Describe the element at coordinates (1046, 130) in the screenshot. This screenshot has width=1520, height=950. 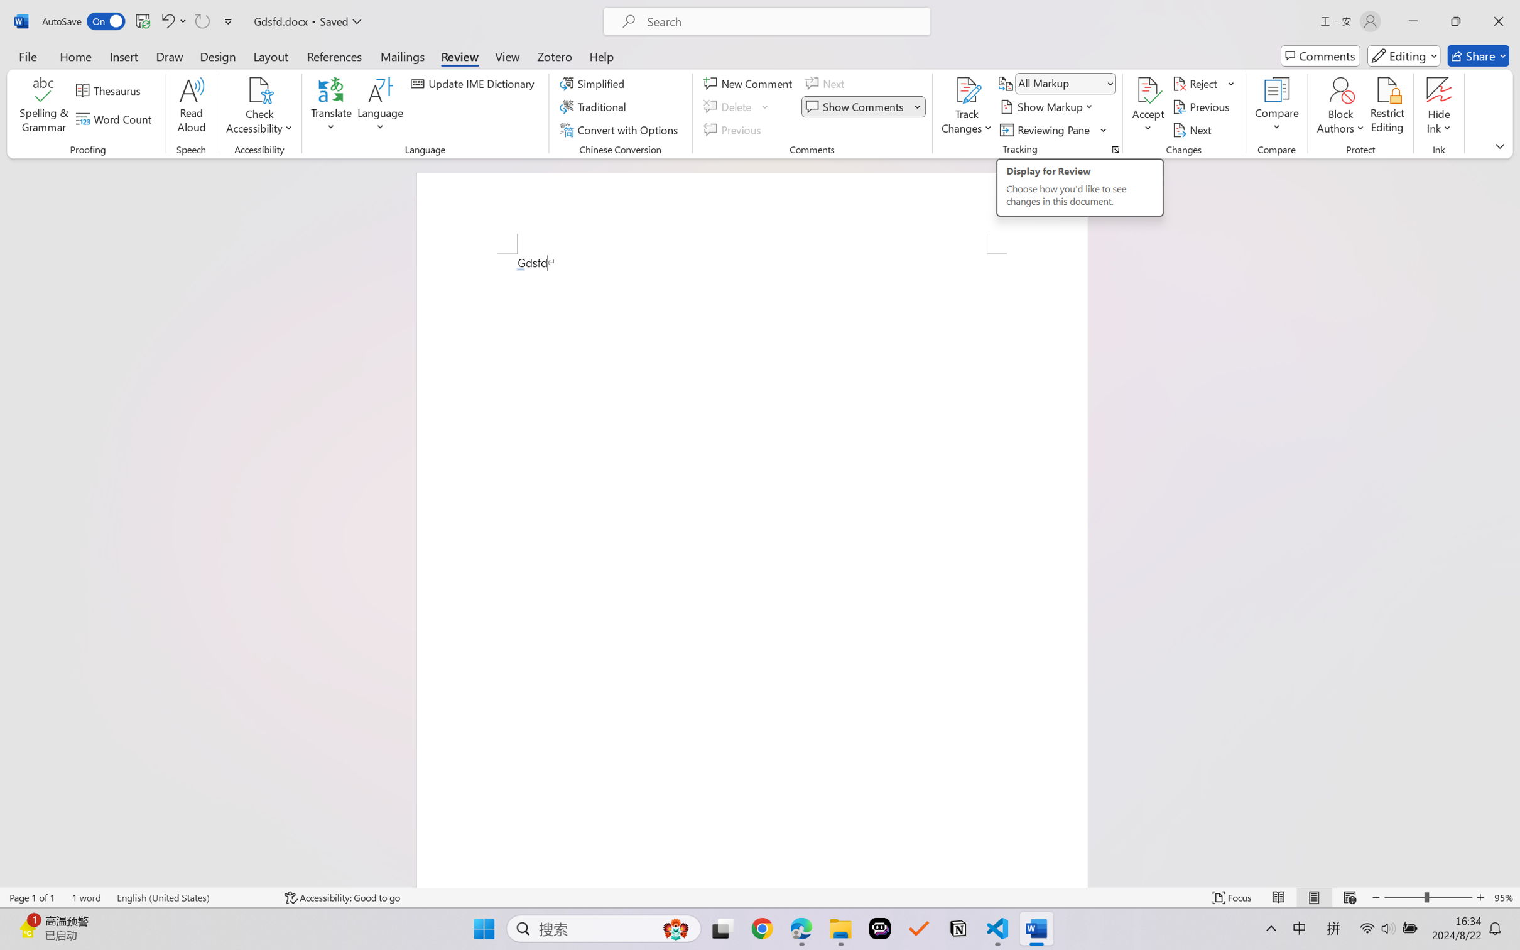
I see `'Reviewing Pane'` at that location.